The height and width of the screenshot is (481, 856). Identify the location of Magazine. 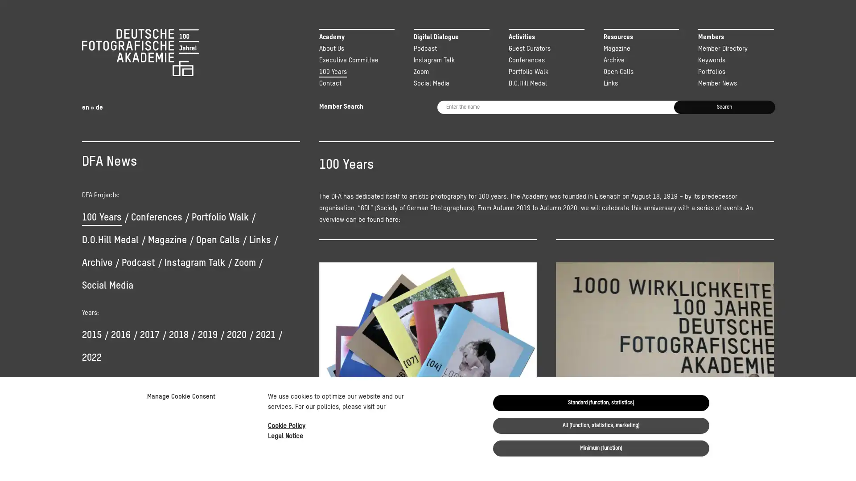
(167, 240).